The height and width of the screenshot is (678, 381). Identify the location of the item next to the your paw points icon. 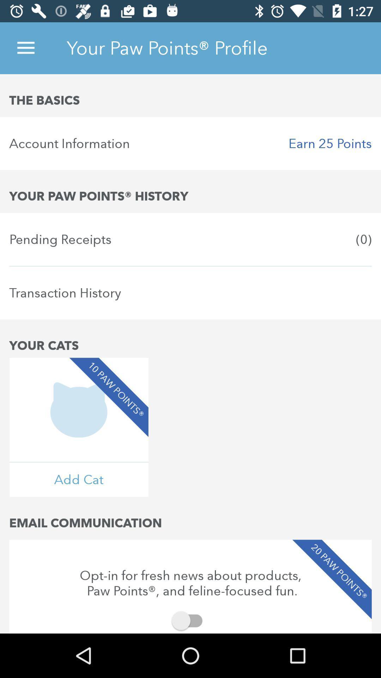
(25, 48).